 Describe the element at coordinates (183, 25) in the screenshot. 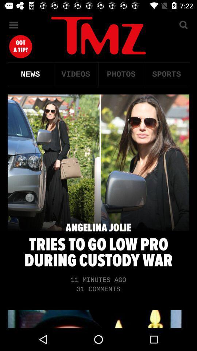

I see `the search icon` at that location.